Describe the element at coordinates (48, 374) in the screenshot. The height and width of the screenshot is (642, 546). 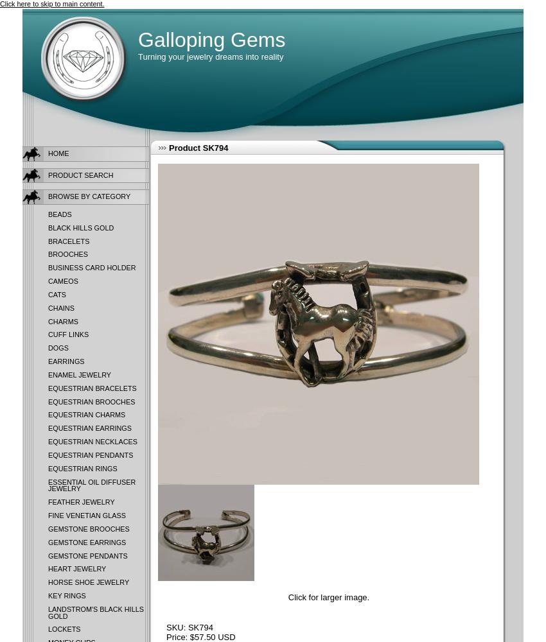
I see `'Enamel Jewelry'` at that location.